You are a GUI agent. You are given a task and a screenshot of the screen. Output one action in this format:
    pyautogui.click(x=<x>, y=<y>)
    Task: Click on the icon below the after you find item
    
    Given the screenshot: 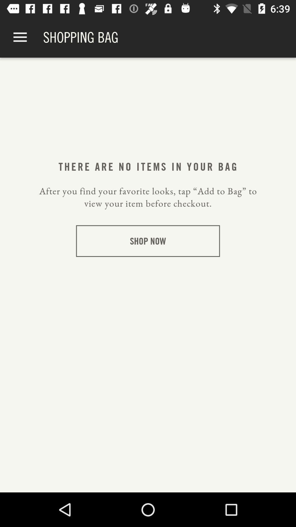 What is the action you would take?
    pyautogui.click(x=148, y=241)
    